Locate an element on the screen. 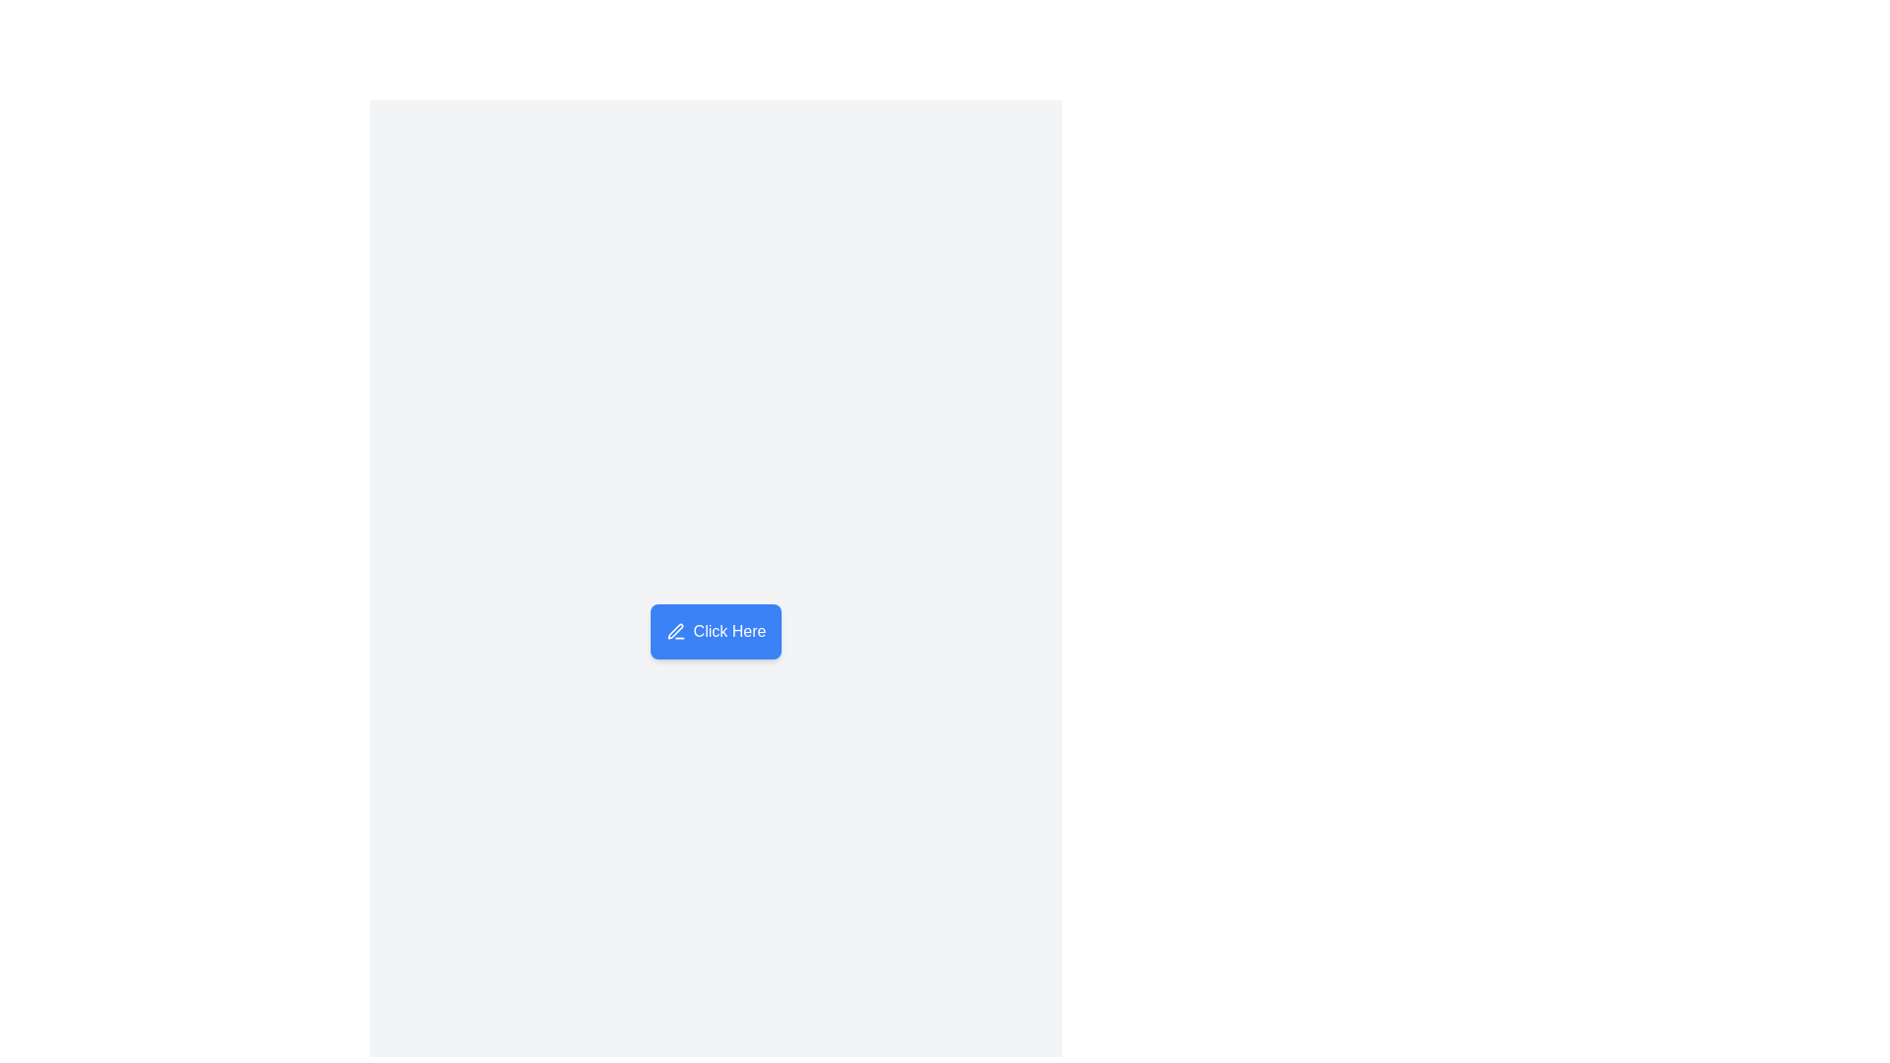 This screenshot has width=1890, height=1063. the interactive pen icon located to the left of the 'Click Here' label on the button, which has a solid blue background and a white outline is located at coordinates (675, 631).